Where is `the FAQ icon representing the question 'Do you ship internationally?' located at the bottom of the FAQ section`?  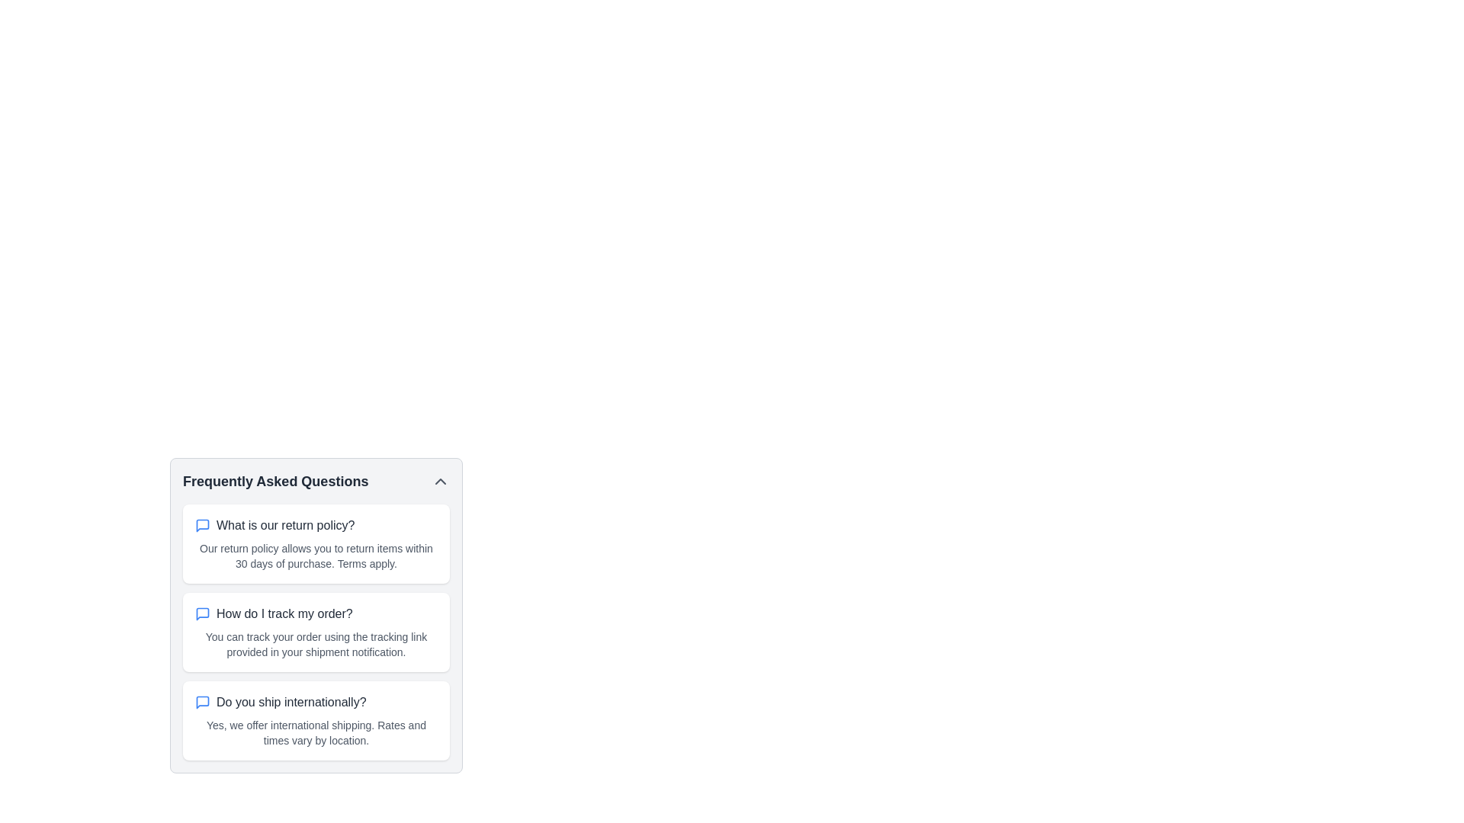
the FAQ icon representing the question 'Do you ship internationally?' located at the bottom of the FAQ section is located at coordinates (201, 702).